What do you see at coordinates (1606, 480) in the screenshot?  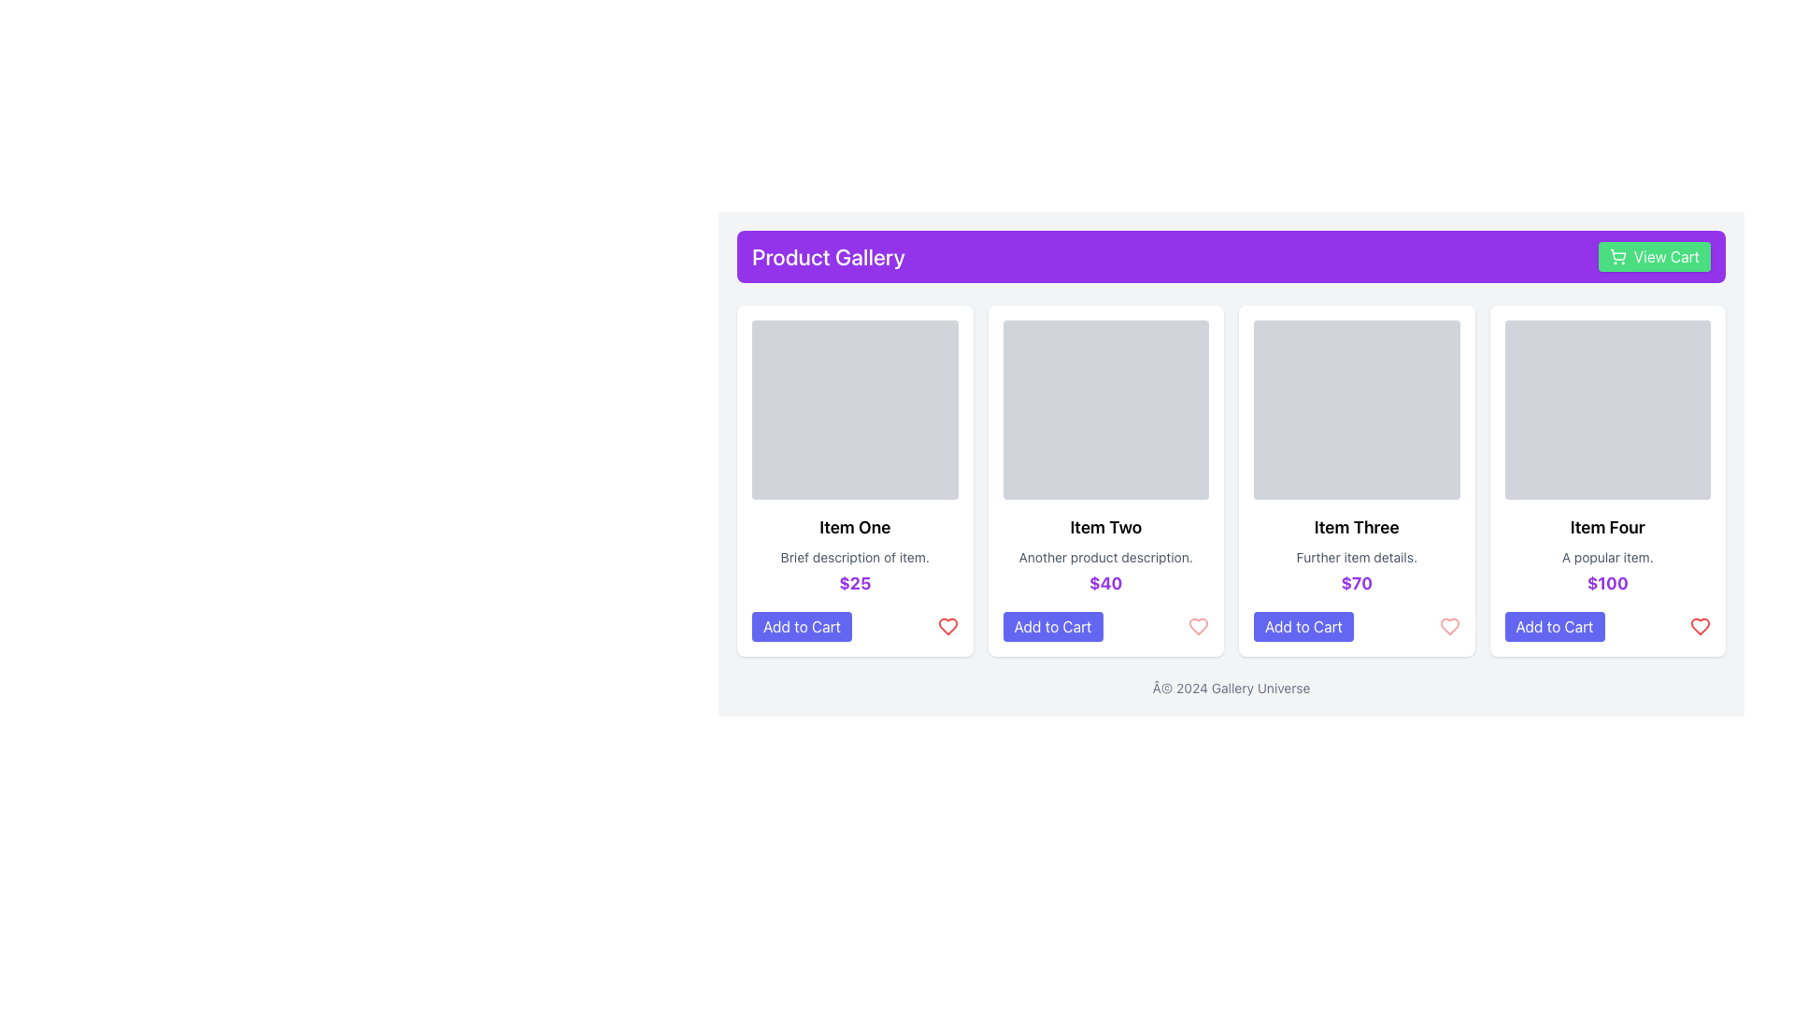 I see `the product card for 'Item Four' in the grid-based gallery` at bounding box center [1606, 480].